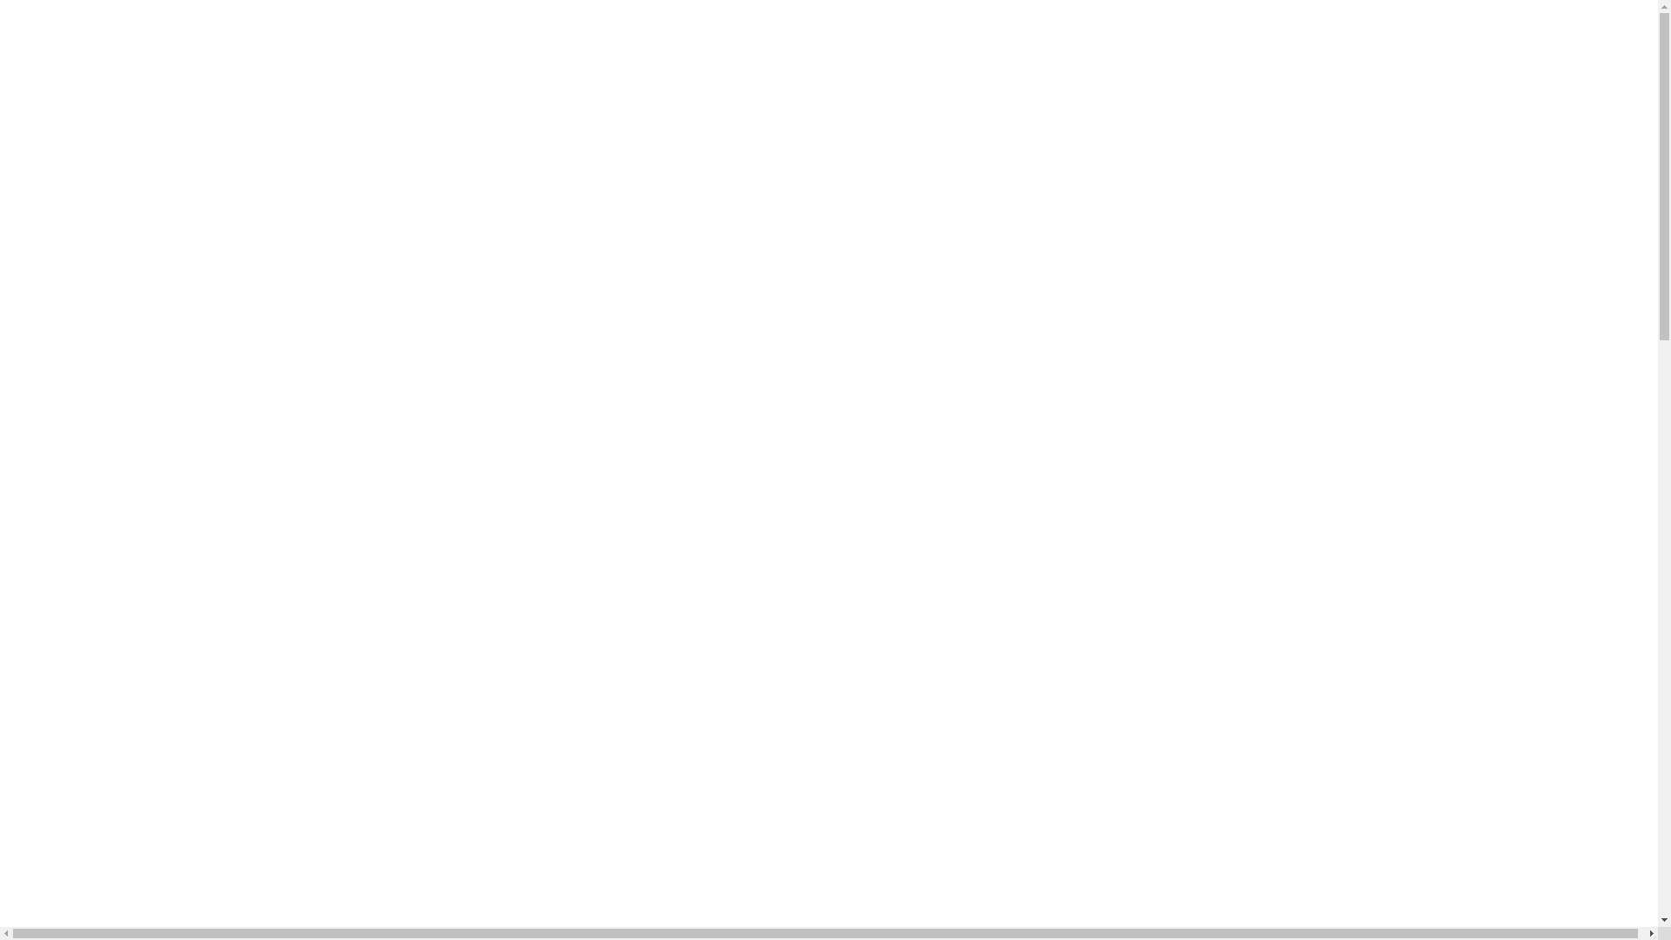  I want to click on 'to Bottom', so click(63, 581).